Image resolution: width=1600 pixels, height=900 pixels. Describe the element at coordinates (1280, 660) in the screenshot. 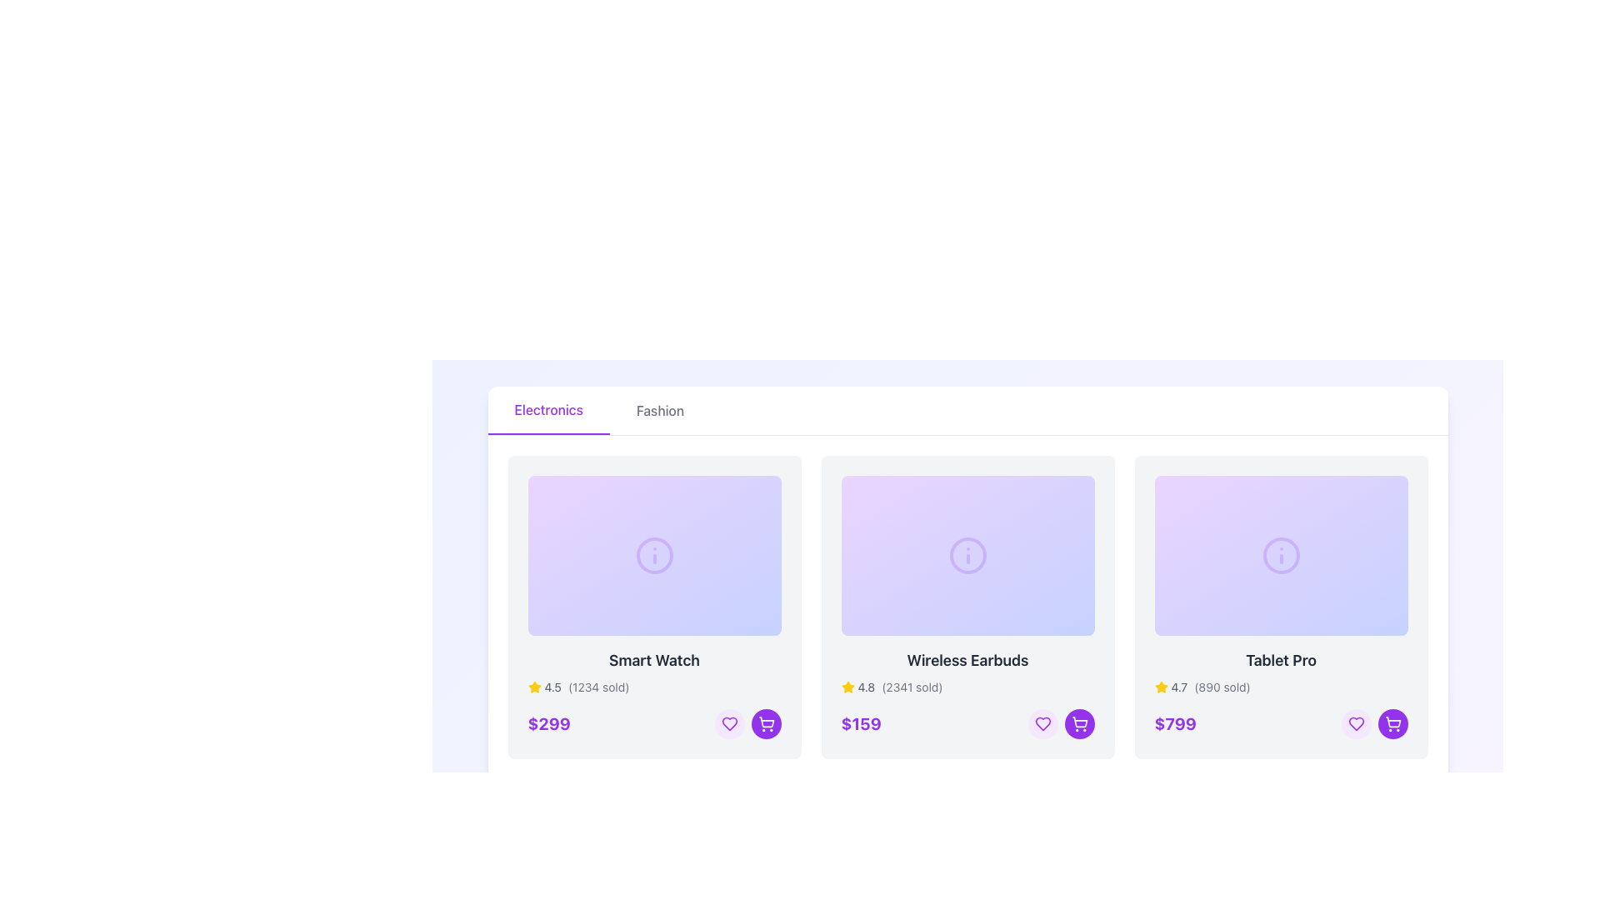

I see `text label that says 'Tablet Pro', which is styled in bold and dark gray, located below the product image in the far right column of the product layout` at that location.